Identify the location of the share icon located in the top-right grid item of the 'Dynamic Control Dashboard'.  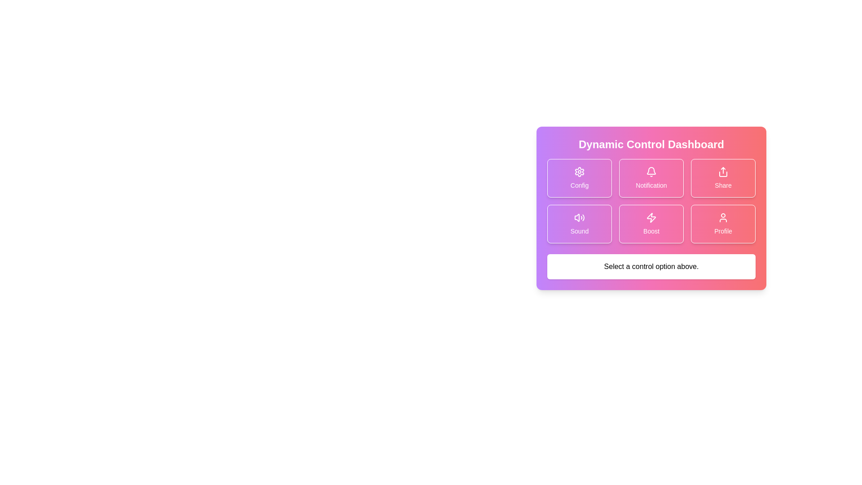
(723, 172).